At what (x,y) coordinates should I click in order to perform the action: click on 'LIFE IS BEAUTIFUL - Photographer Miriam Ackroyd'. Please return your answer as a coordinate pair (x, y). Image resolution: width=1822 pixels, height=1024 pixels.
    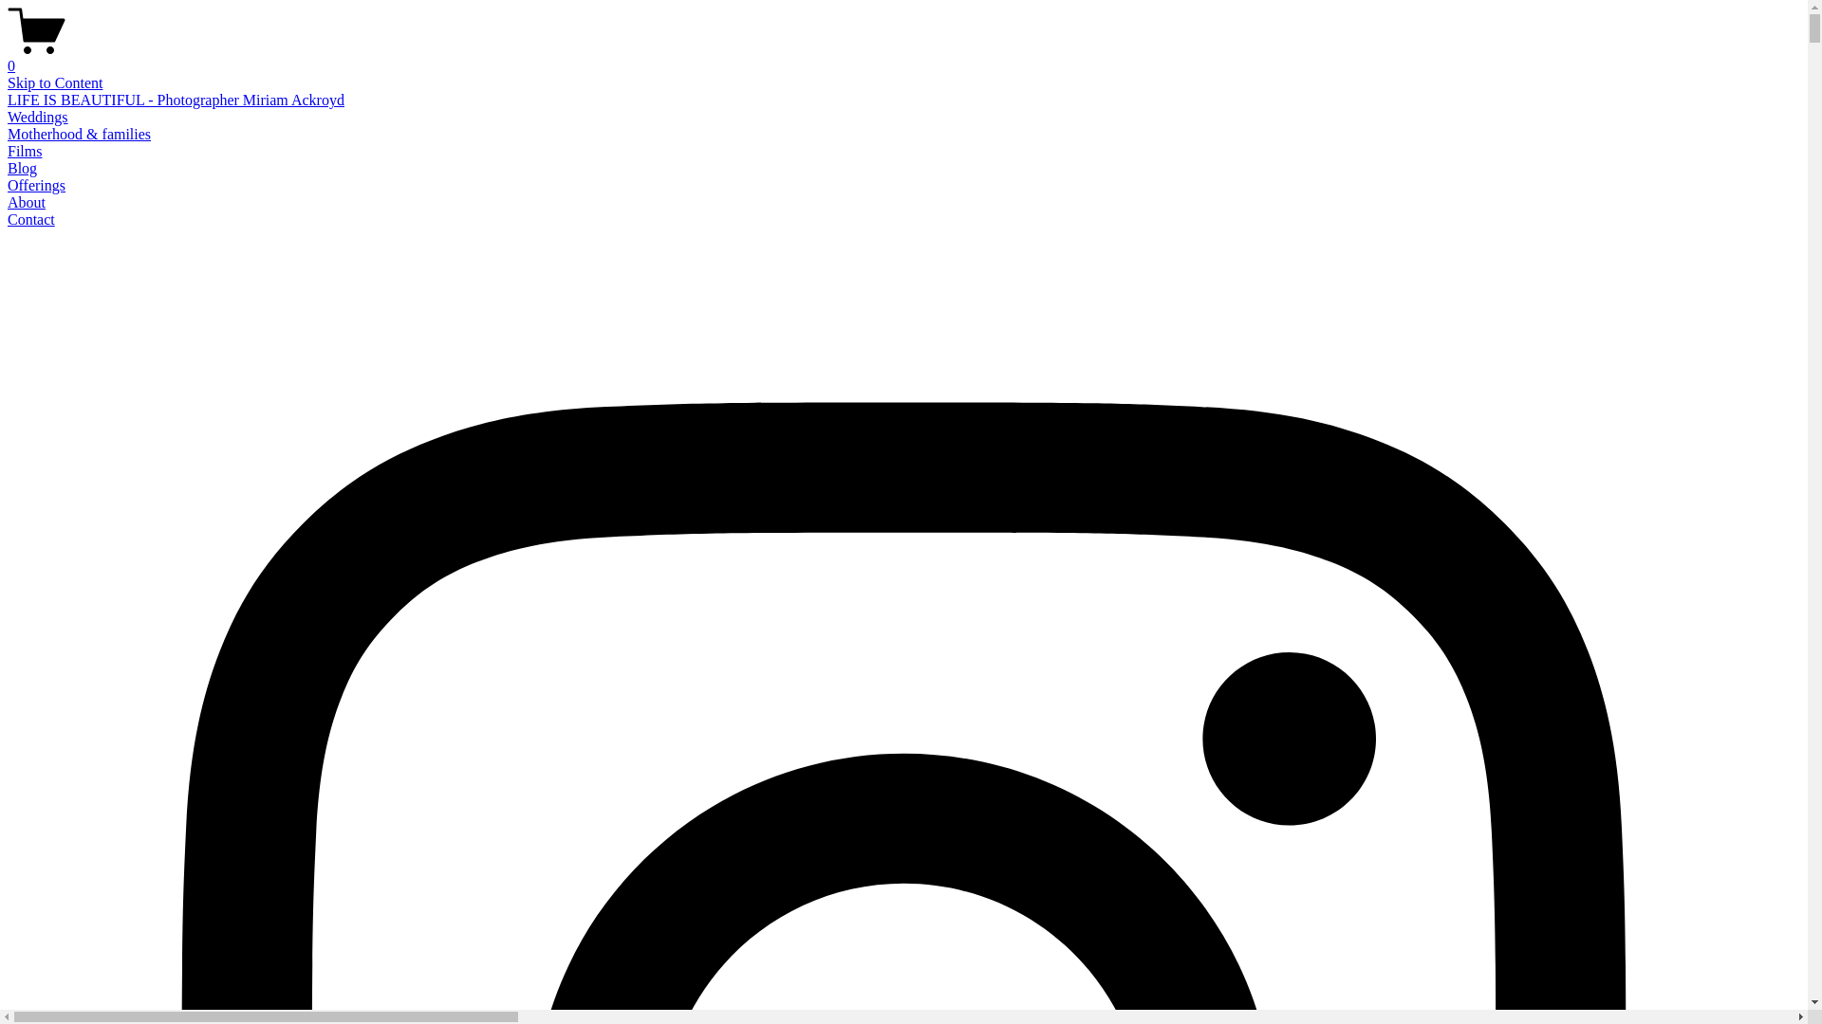
    Looking at the image, I should click on (176, 100).